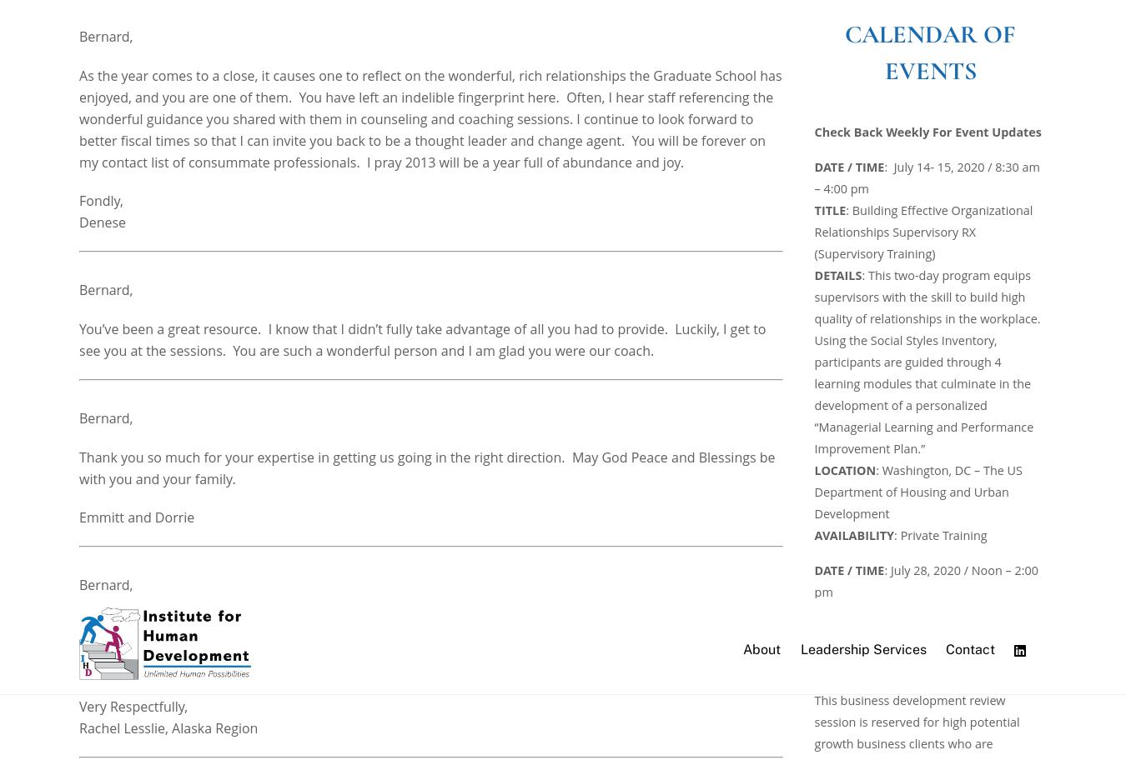 The height and width of the screenshot is (760, 1126). I want to click on 'Leadership Advisory', so click(467, 694).